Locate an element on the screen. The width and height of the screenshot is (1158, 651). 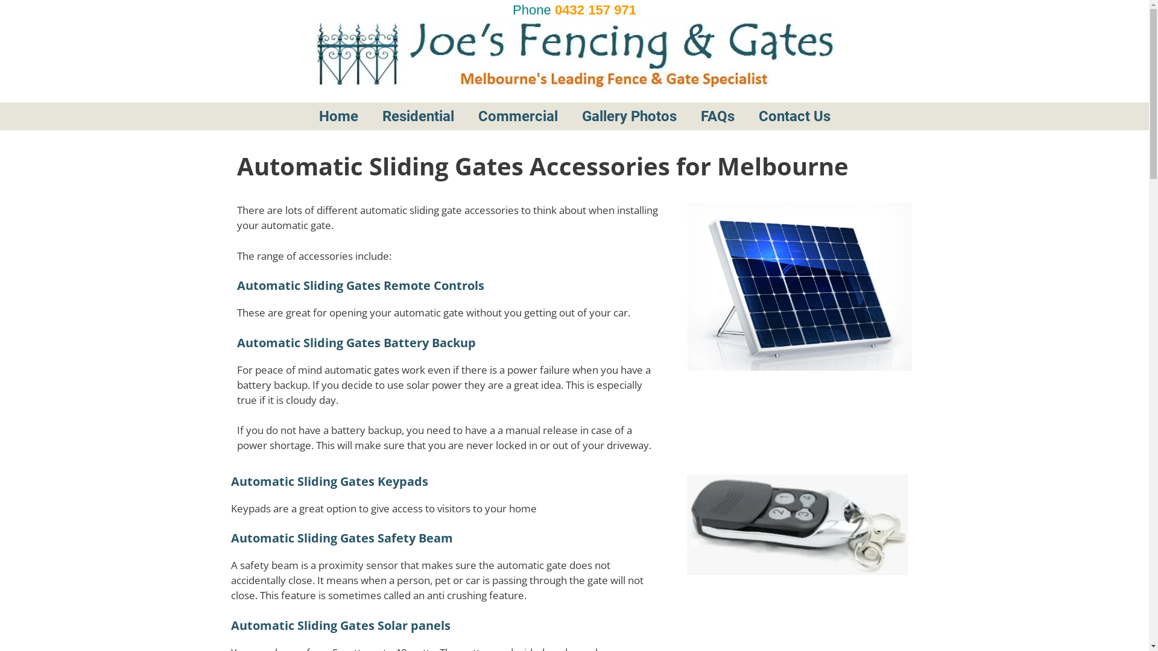
'Commercial' is located at coordinates (491, 116).